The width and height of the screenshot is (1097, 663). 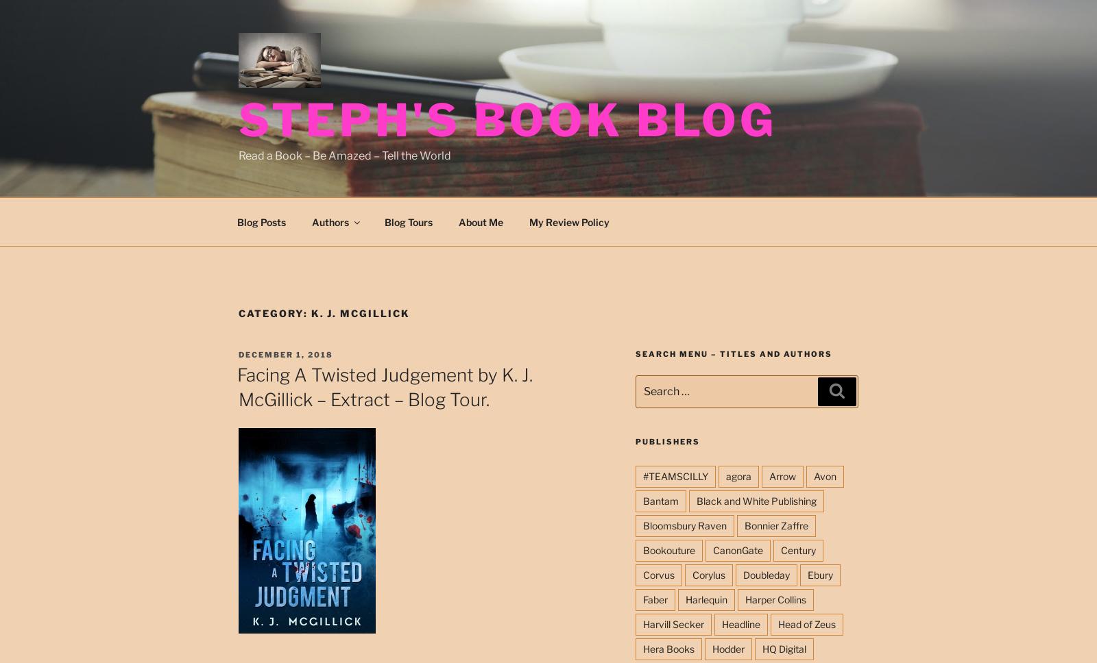 What do you see at coordinates (733, 354) in the screenshot?
I see `'Search Menu – Titles and Authors'` at bounding box center [733, 354].